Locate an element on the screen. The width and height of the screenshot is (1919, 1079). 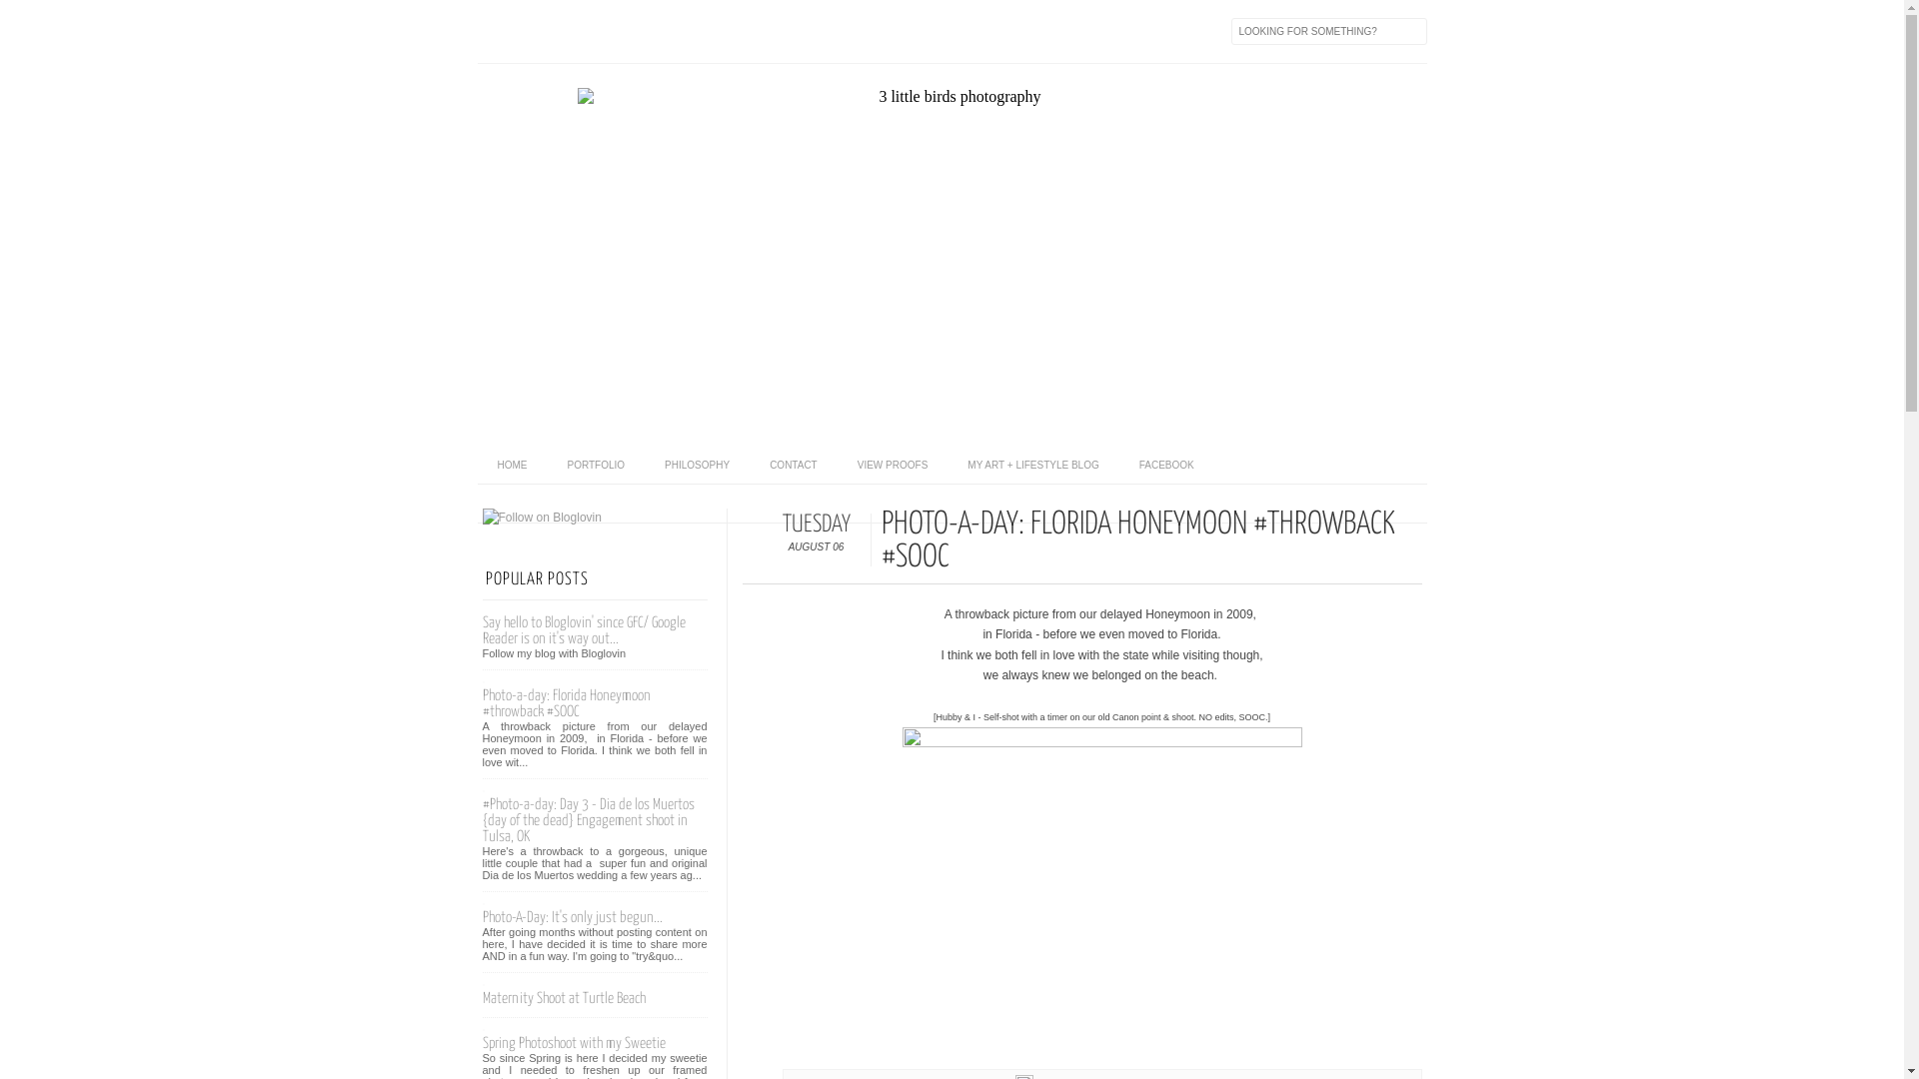
'Photo-a-day: Florida Honeymoon #throwback #SOOC' is located at coordinates (481, 702).